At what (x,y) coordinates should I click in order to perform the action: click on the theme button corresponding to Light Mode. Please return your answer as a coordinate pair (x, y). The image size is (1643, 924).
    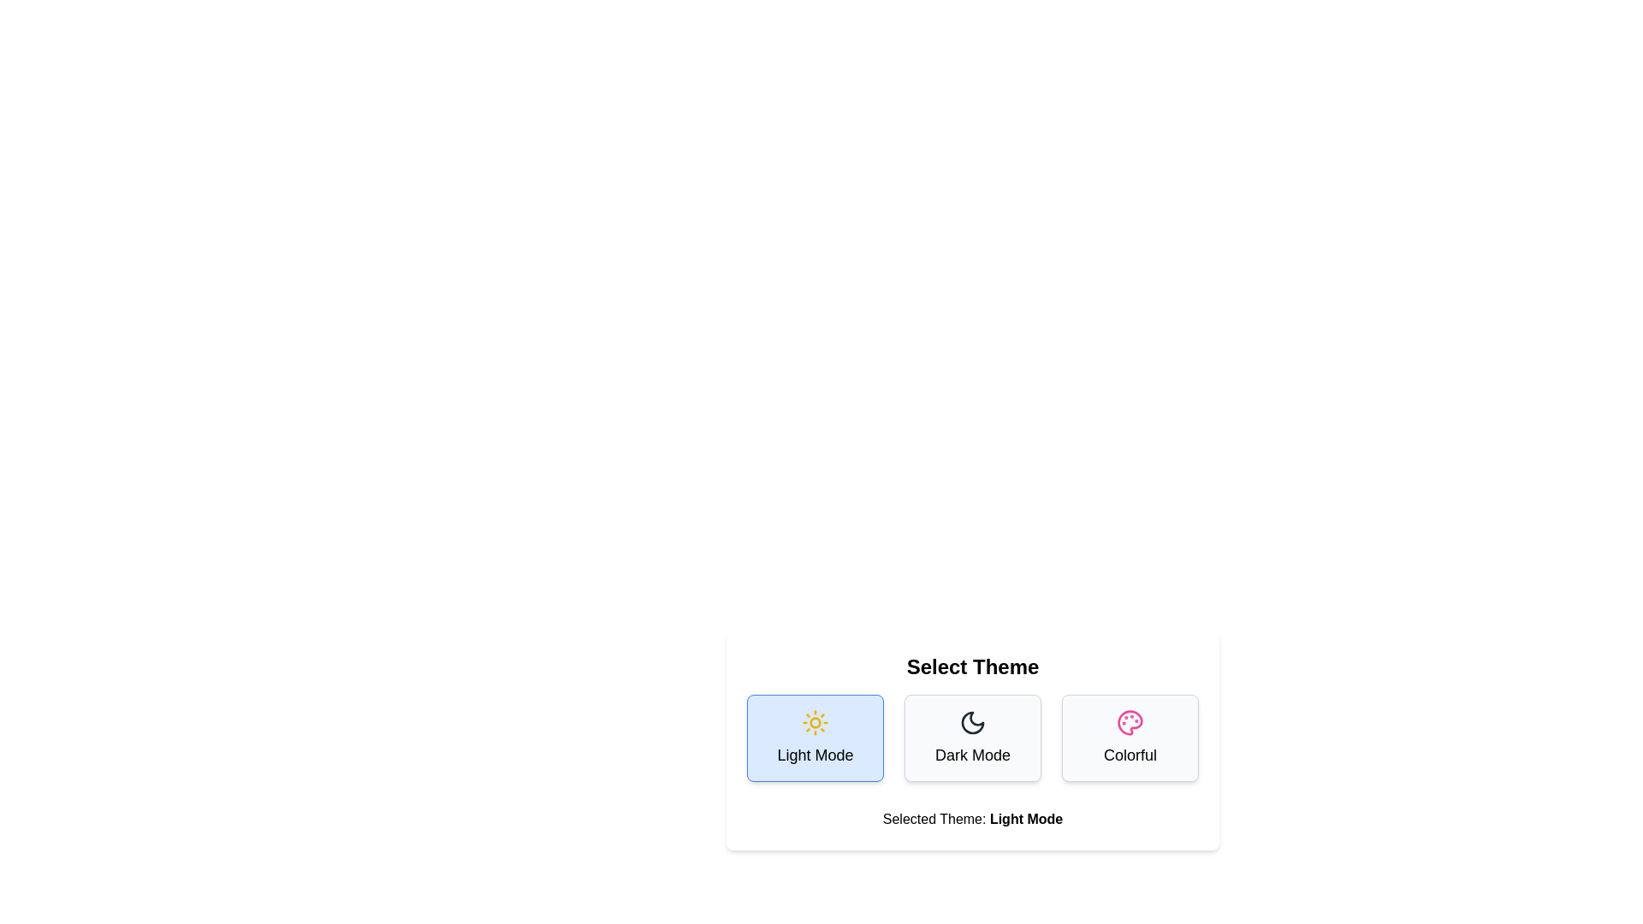
    Looking at the image, I should click on (815, 737).